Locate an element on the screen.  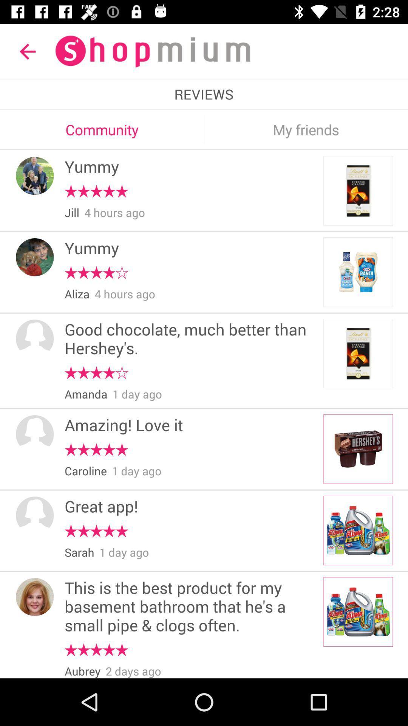
the icon to the right of aubrey item is located at coordinates (133, 671).